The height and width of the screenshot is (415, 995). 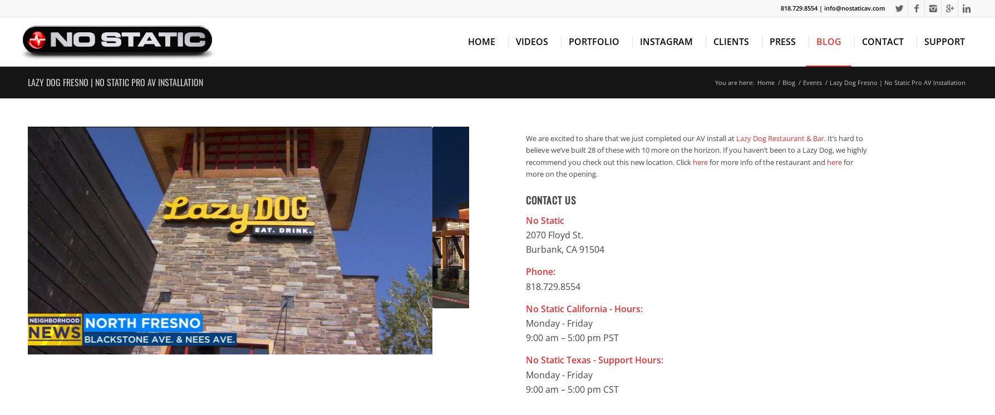 What do you see at coordinates (695, 149) in the screenshot?
I see `'. It’s hard to believe we’ve built 28 of these with 10 more on the horizon. If you haven’t been to a Lazy Dog, we highly recommend you check out this new location. Click'` at bounding box center [695, 149].